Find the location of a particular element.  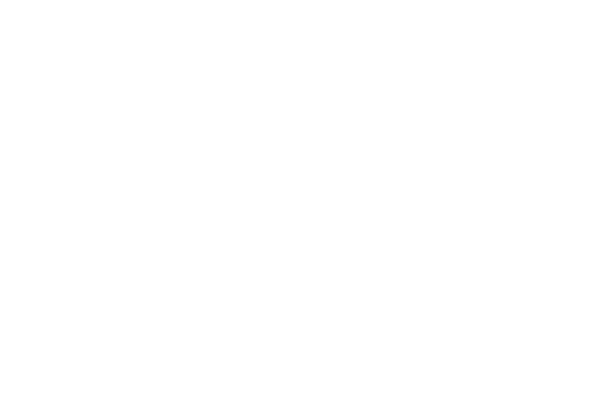

'Audio' is located at coordinates (395, 383).